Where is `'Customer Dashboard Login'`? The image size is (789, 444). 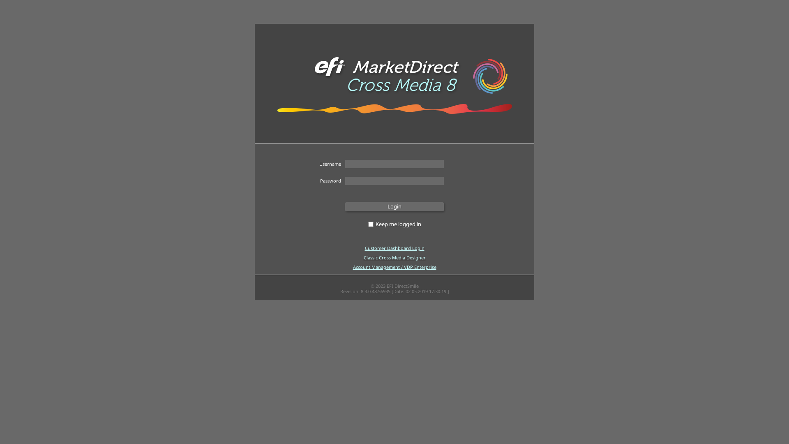 'Customer Dashboard Login' is located at coordinates (394, 247).